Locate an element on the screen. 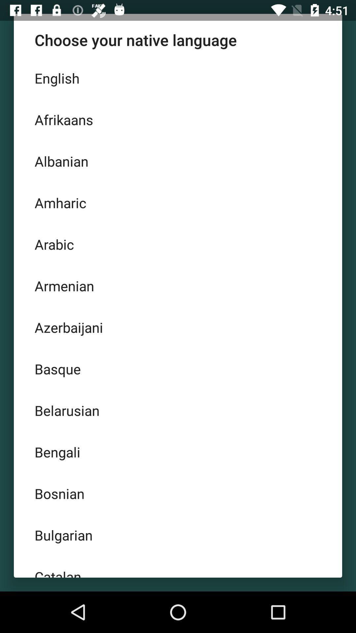  the item below the armenian icon is located at coordinates (178, 327).